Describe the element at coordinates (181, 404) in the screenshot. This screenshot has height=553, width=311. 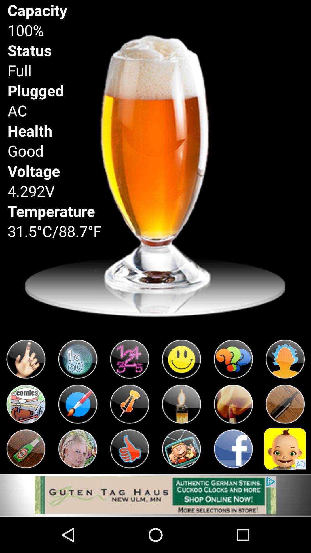
I see `play` at that location.